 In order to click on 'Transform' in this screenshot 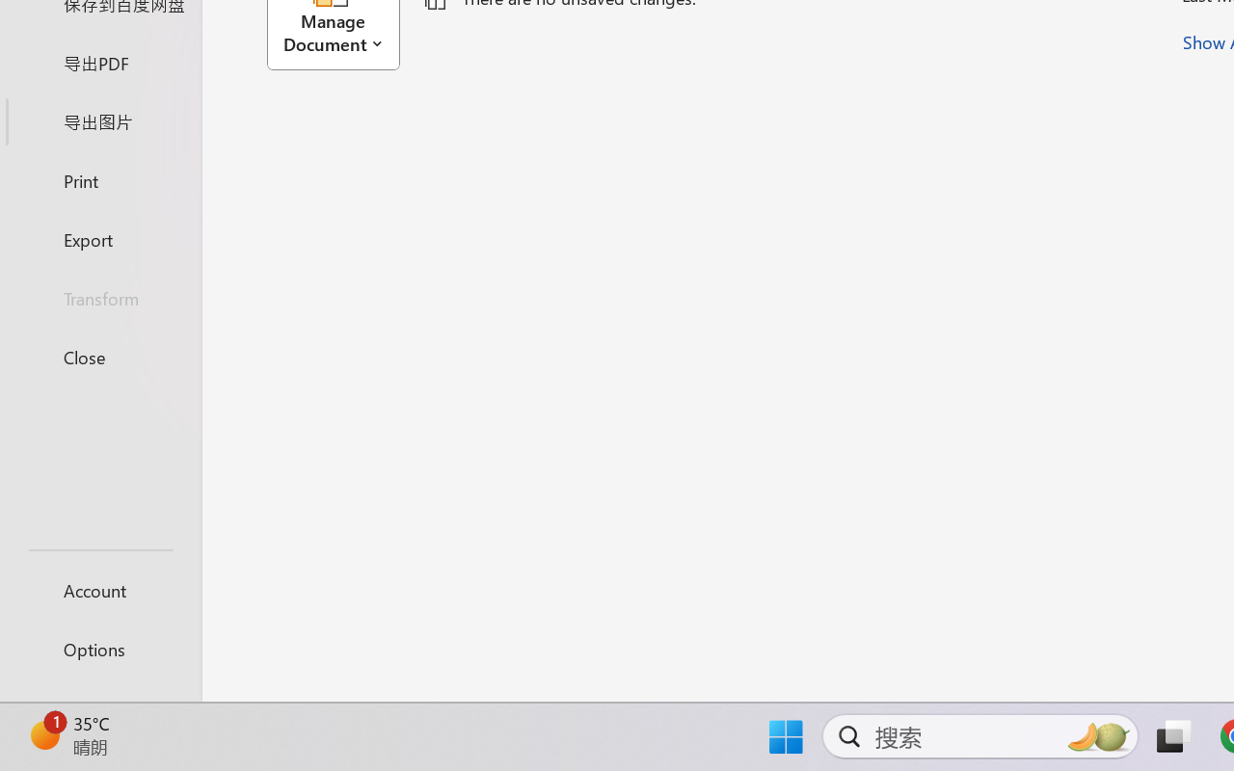, I will do `click(99, 297)`.